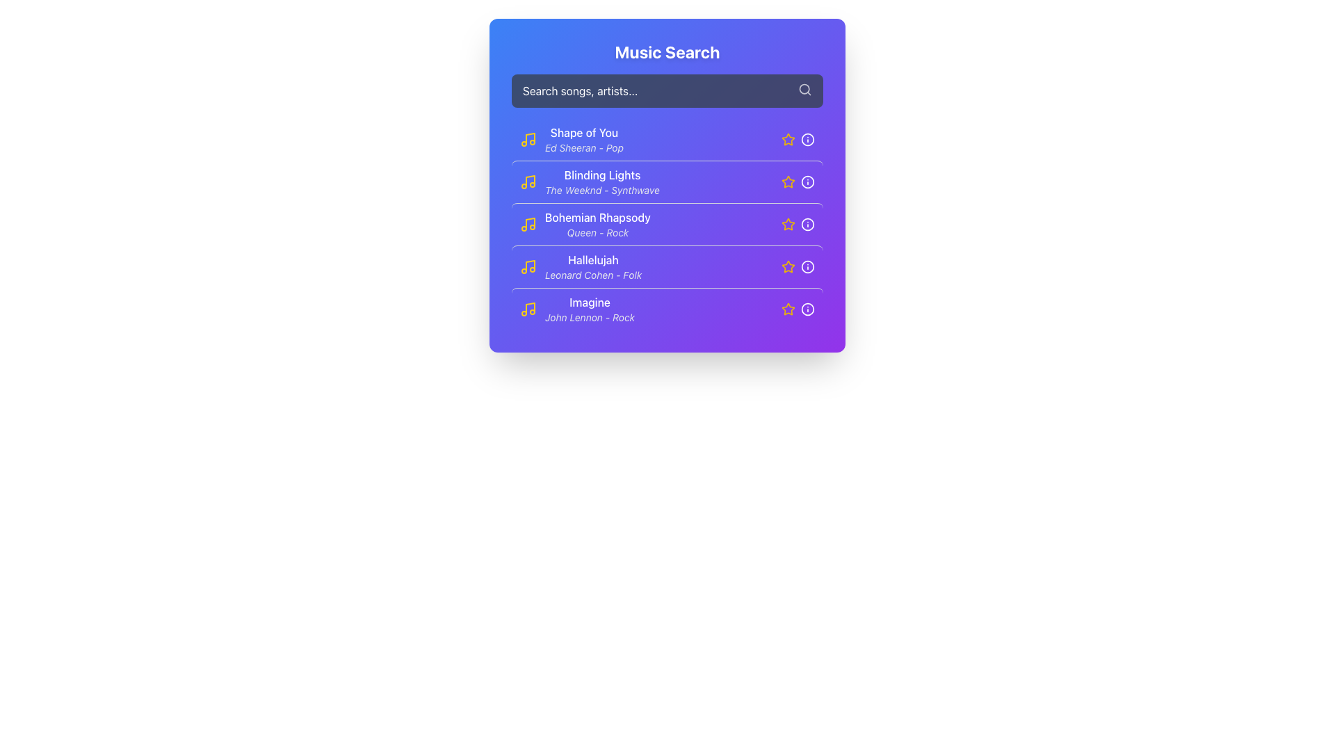 This screenshot has height=751, width=1335. What do you see at coordinates (527, 139) in the screenshot?
I see `the yellow musical note icon that symbolizes the song, located to the left of the text 'Shape of You Ed Sheeran - Pop' in the first entry of the music search results` at bounding box center [527, 139].